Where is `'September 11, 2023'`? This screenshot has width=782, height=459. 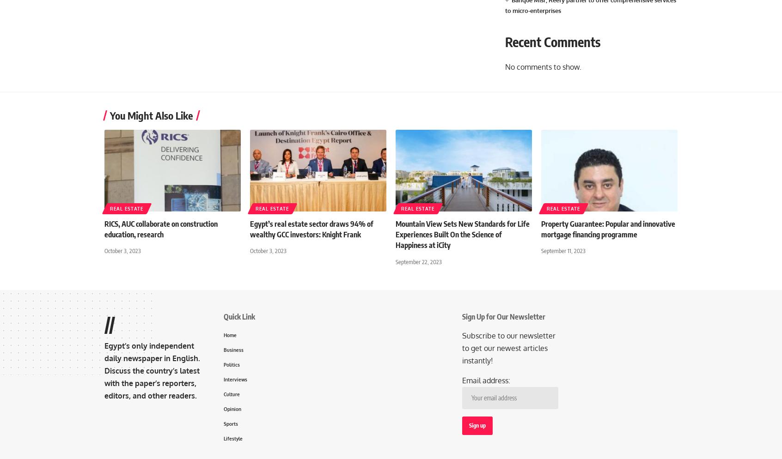 'September 11, 2023' is located at coordinates (541, 250).